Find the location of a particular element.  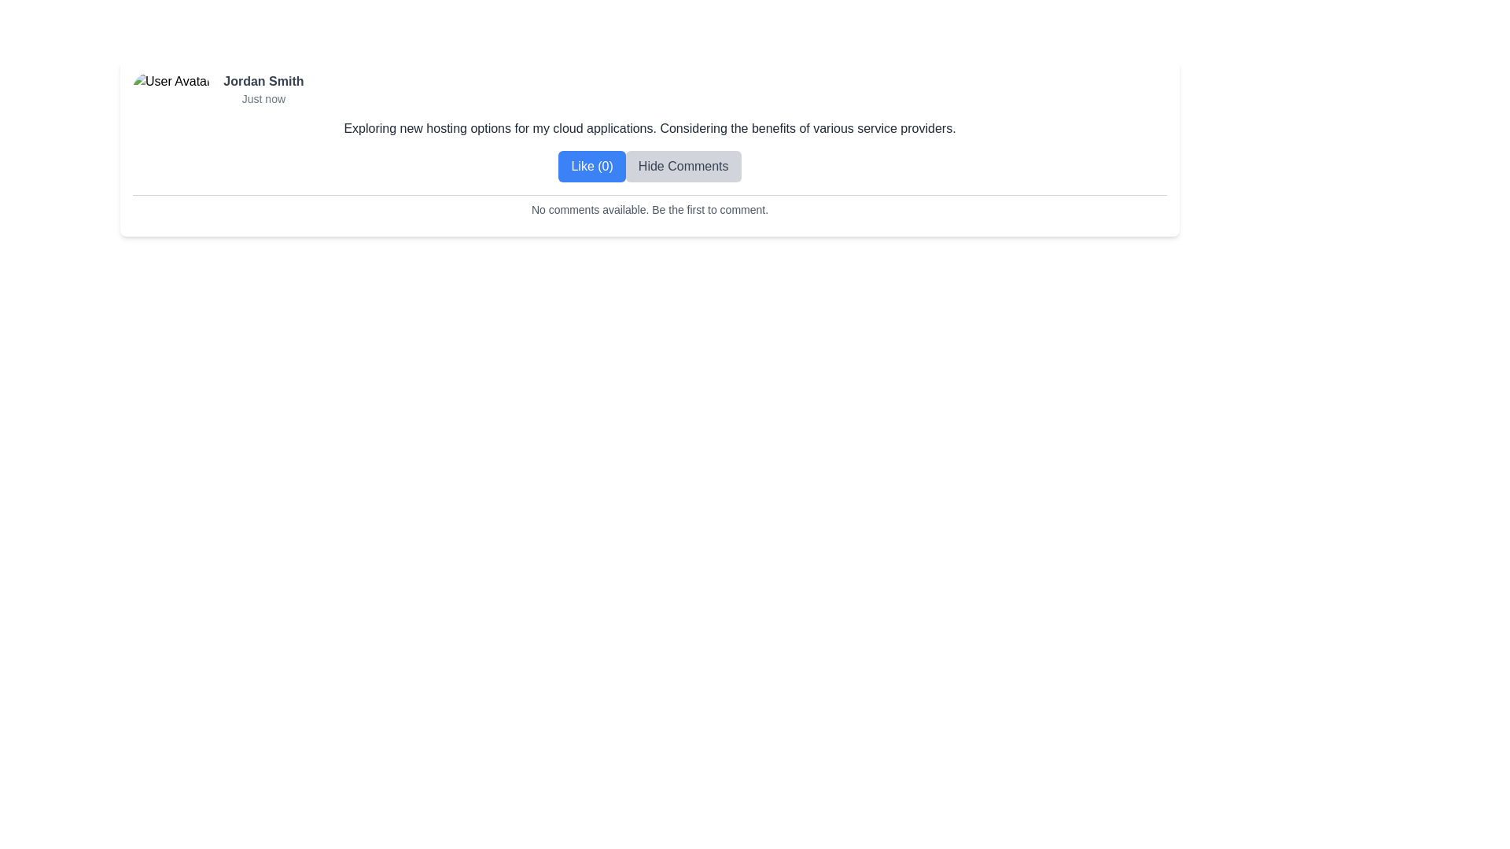

the bold text element displaying the name 'Jordan Smith', which is positioned at the top of the user metadata header is located at coordinates (263, 82).